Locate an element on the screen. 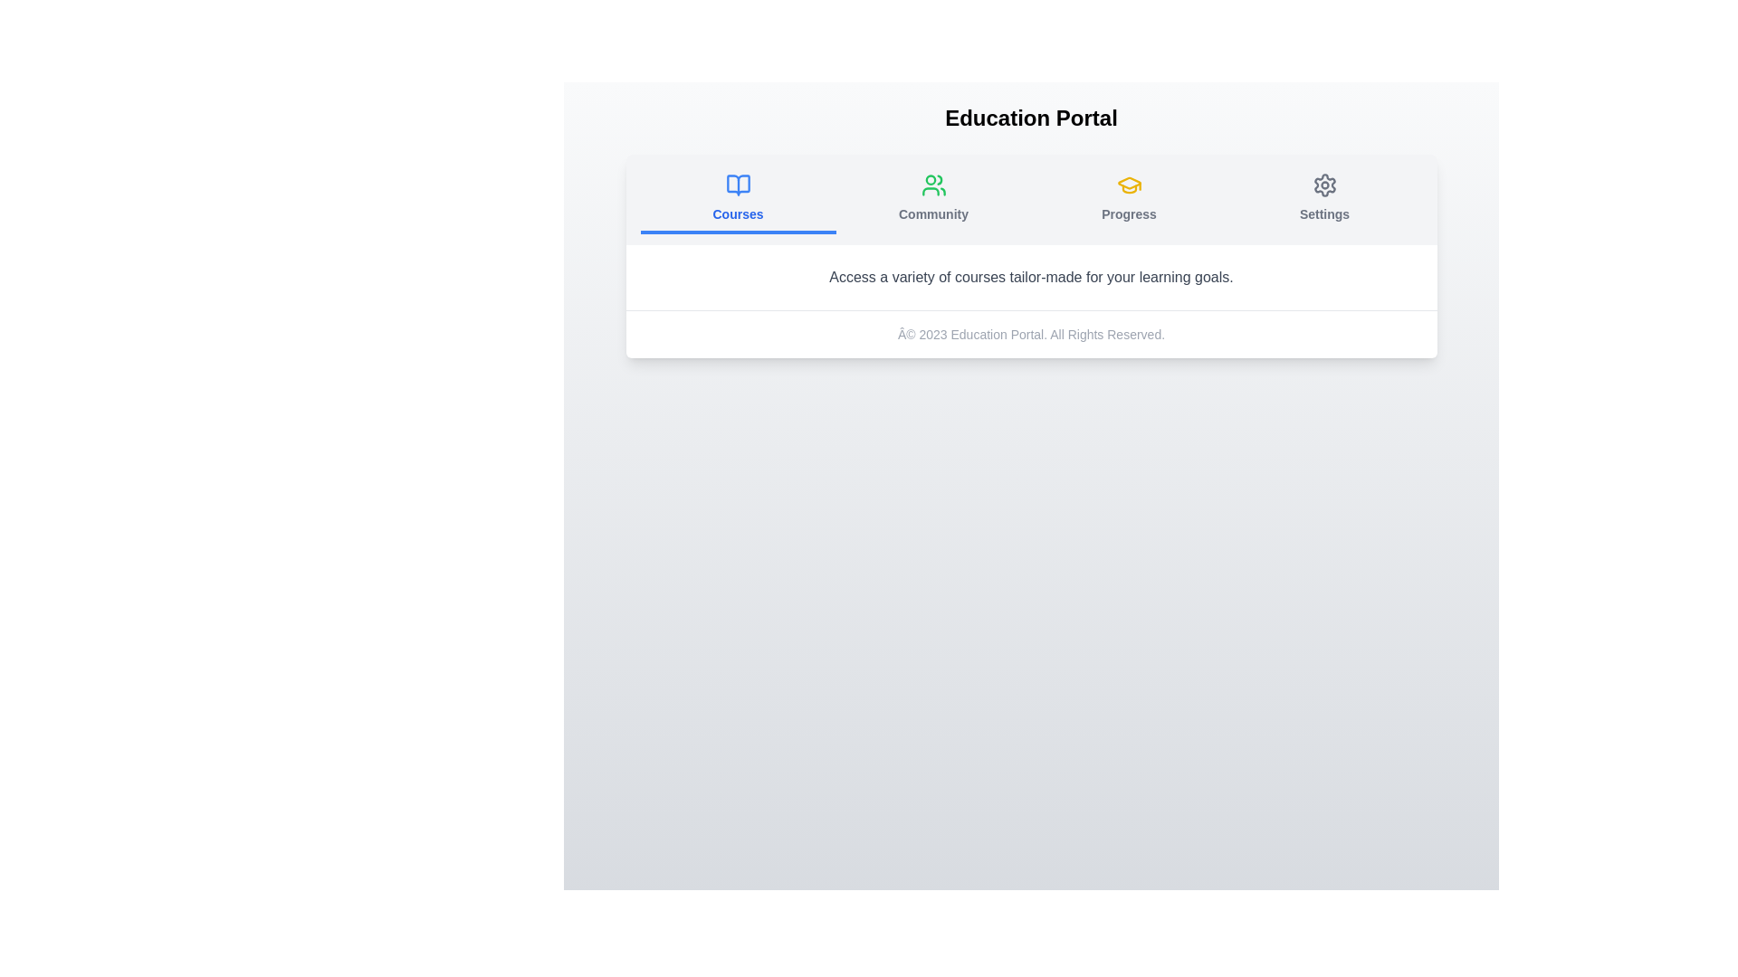 Image resolution: width=1738 pixels, height=977 pixels. displayed text of the prominent 'Education Portal' label, which is a central heading in bold font located at the top center of the page above the navigation bar is located at coordinates (1031, 119).